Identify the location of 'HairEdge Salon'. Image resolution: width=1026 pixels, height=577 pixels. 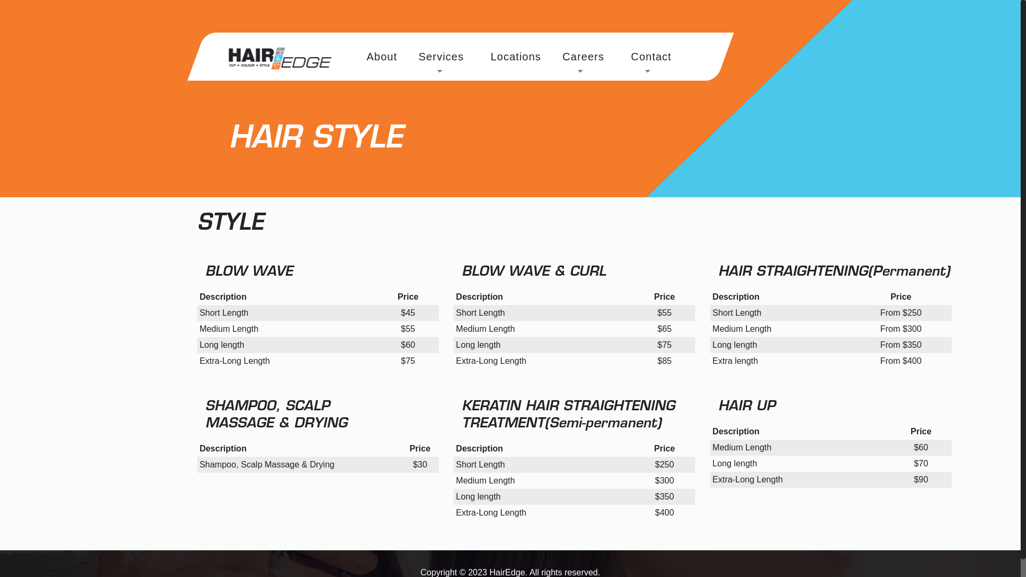
(279, 64).